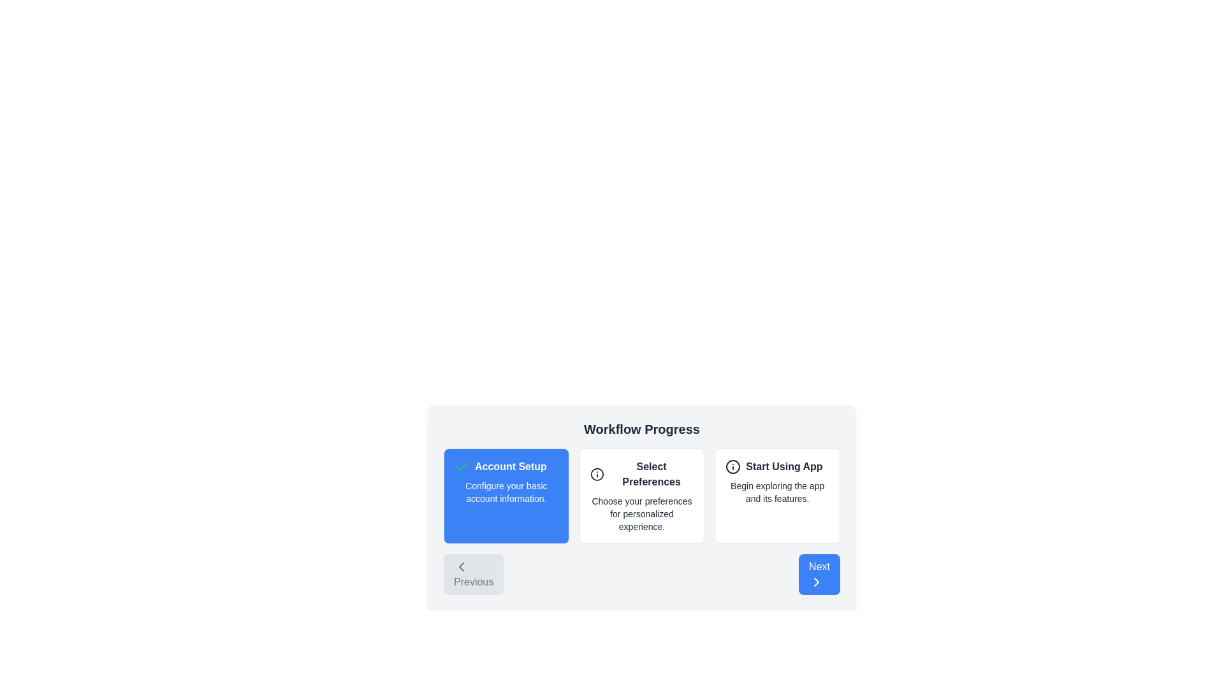 The height and width of the screenshot is (688, 1224). What do you see at coordinates (596, 474) in the screenshot?
I see `the Icon that visually represents information related to the 'Select Preferences' step, positioned to the left of the text within the 'Select Preferences' component` at bounding box center [596, 474].